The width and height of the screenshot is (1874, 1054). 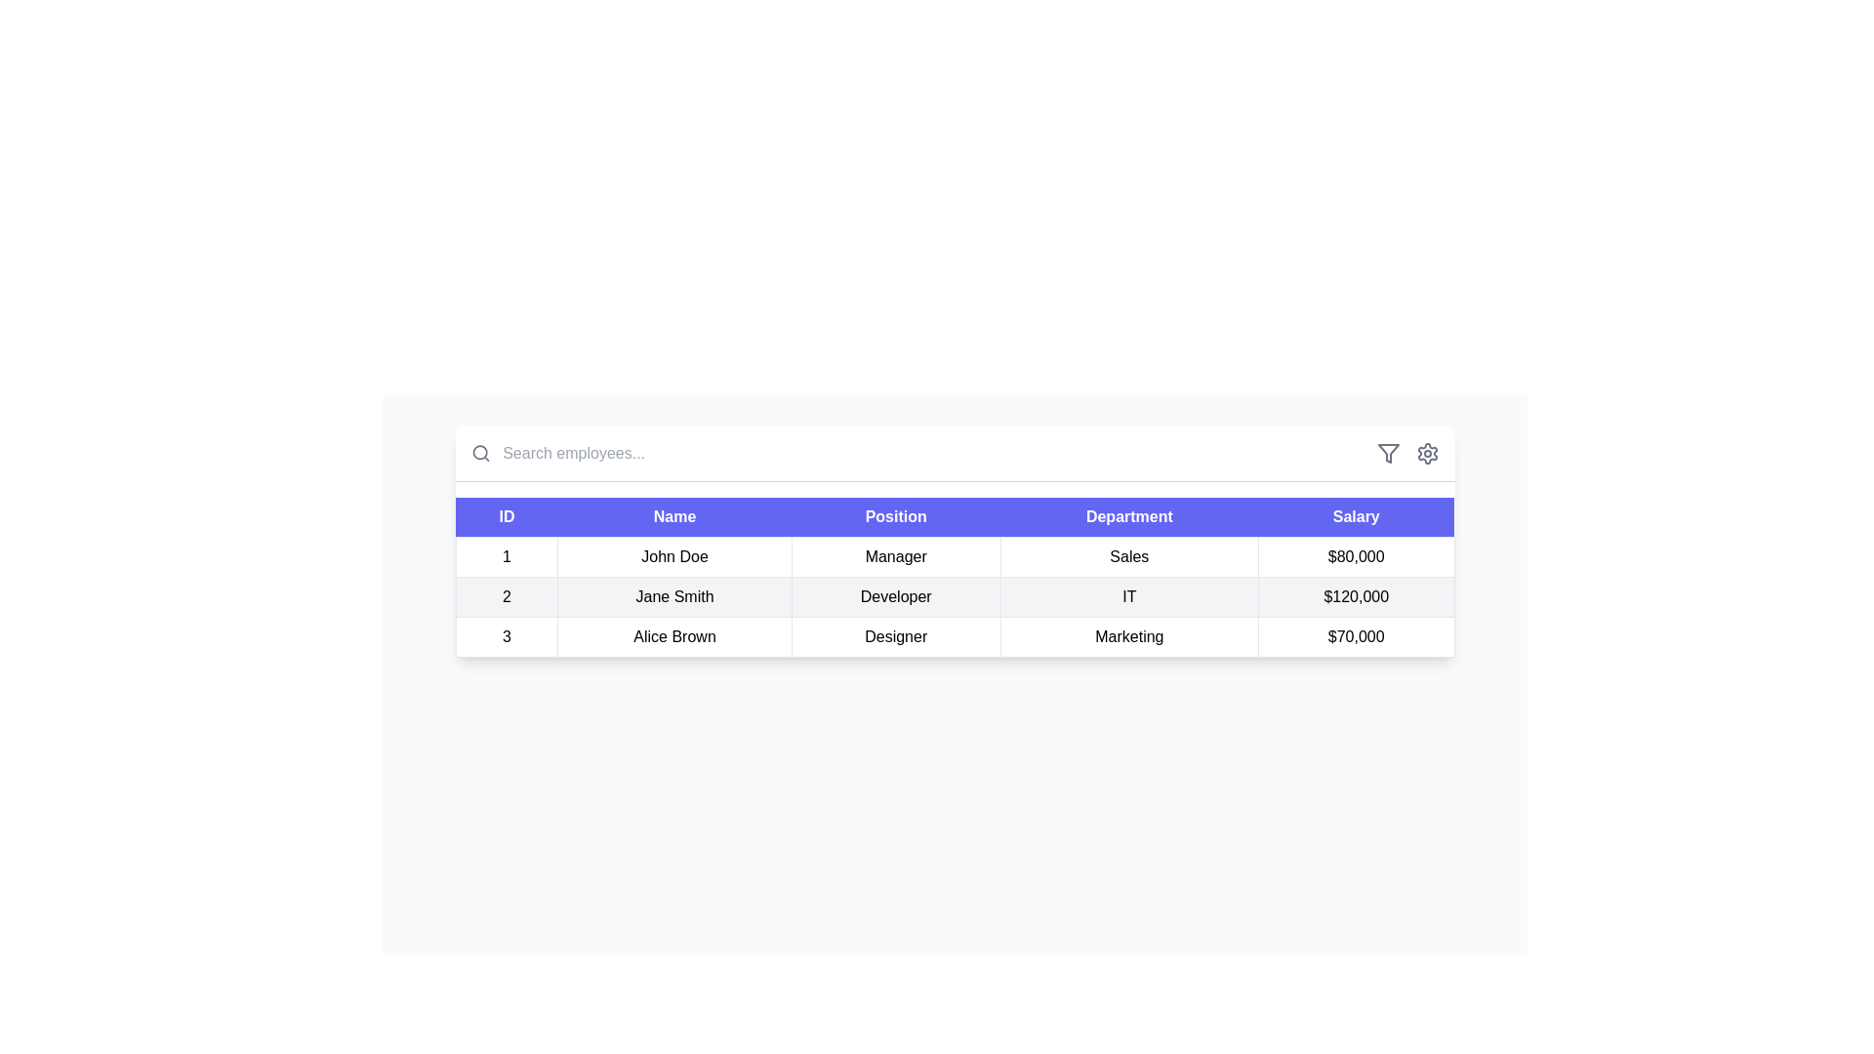 I want to click on the second row in the employee details table displaying information about Jane Smith, including her ID, name, position, department, and salary, so click(x=955, y=596).